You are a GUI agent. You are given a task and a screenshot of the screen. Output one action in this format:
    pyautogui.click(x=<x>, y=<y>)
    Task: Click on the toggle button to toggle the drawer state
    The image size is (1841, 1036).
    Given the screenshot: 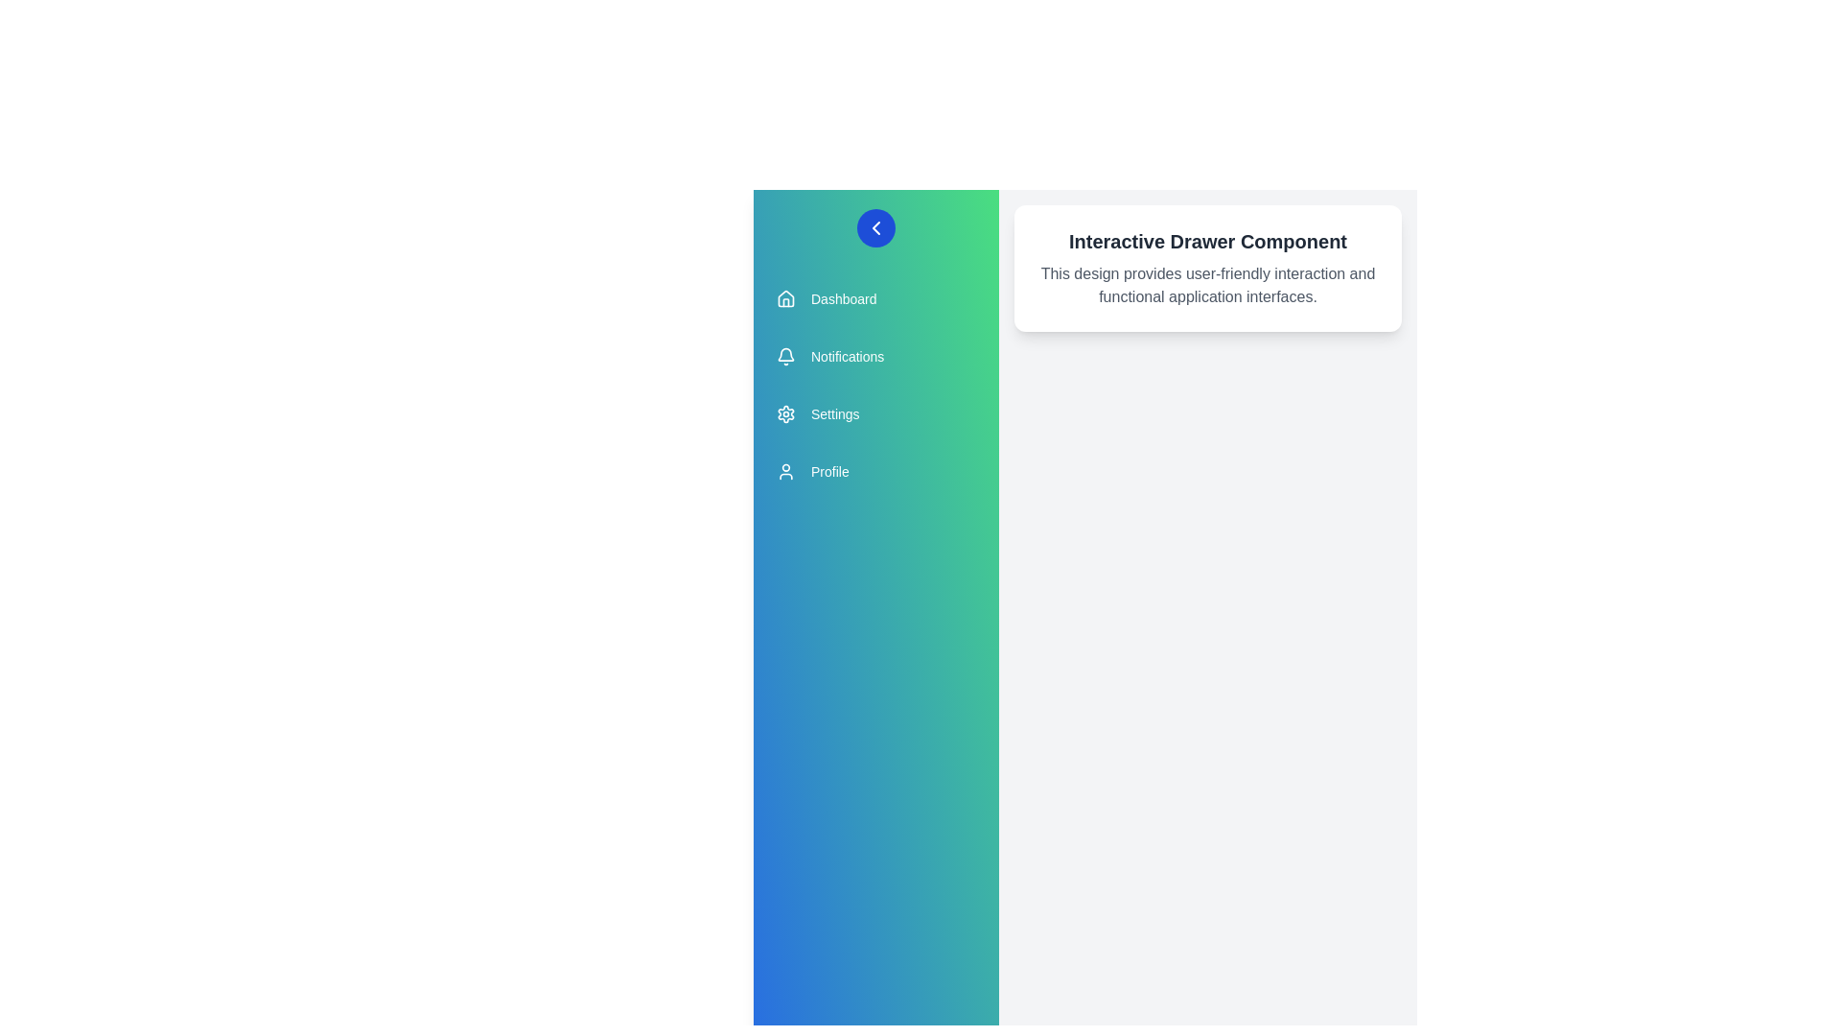 What is the action you would take?
    pyautogui.click(x=874, y=227)
    